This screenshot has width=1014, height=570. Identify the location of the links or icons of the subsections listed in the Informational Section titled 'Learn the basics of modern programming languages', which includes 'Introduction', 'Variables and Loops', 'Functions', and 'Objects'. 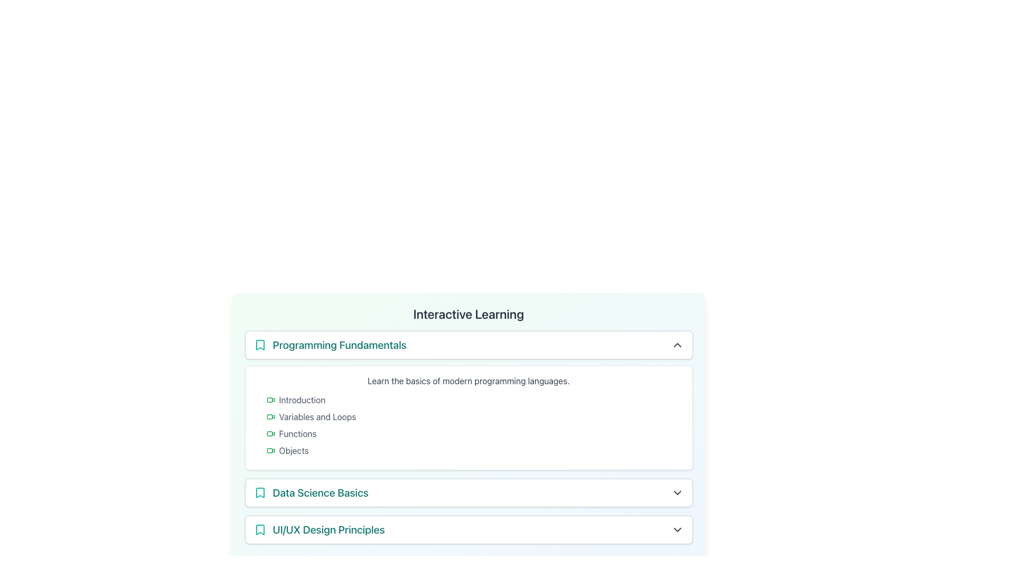
(468, 417).